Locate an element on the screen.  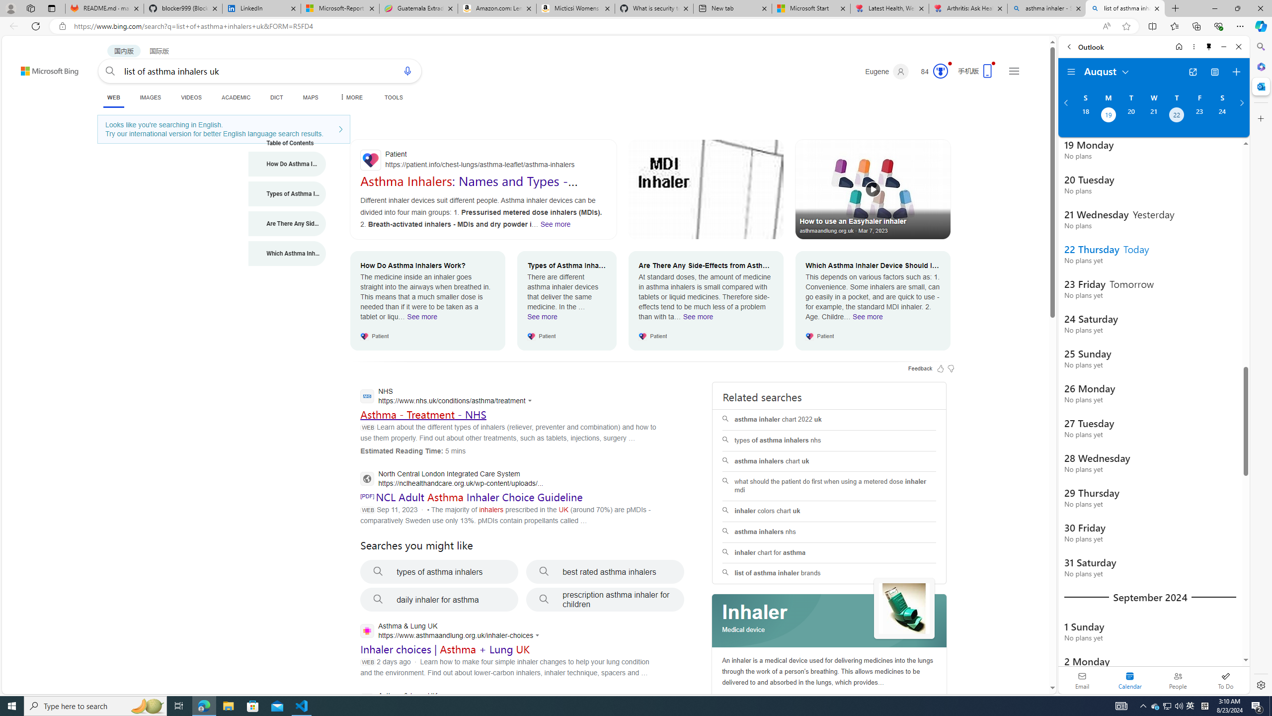
'Wednesday, August 21, 2024. ' is located at coordinates (1153, 116).